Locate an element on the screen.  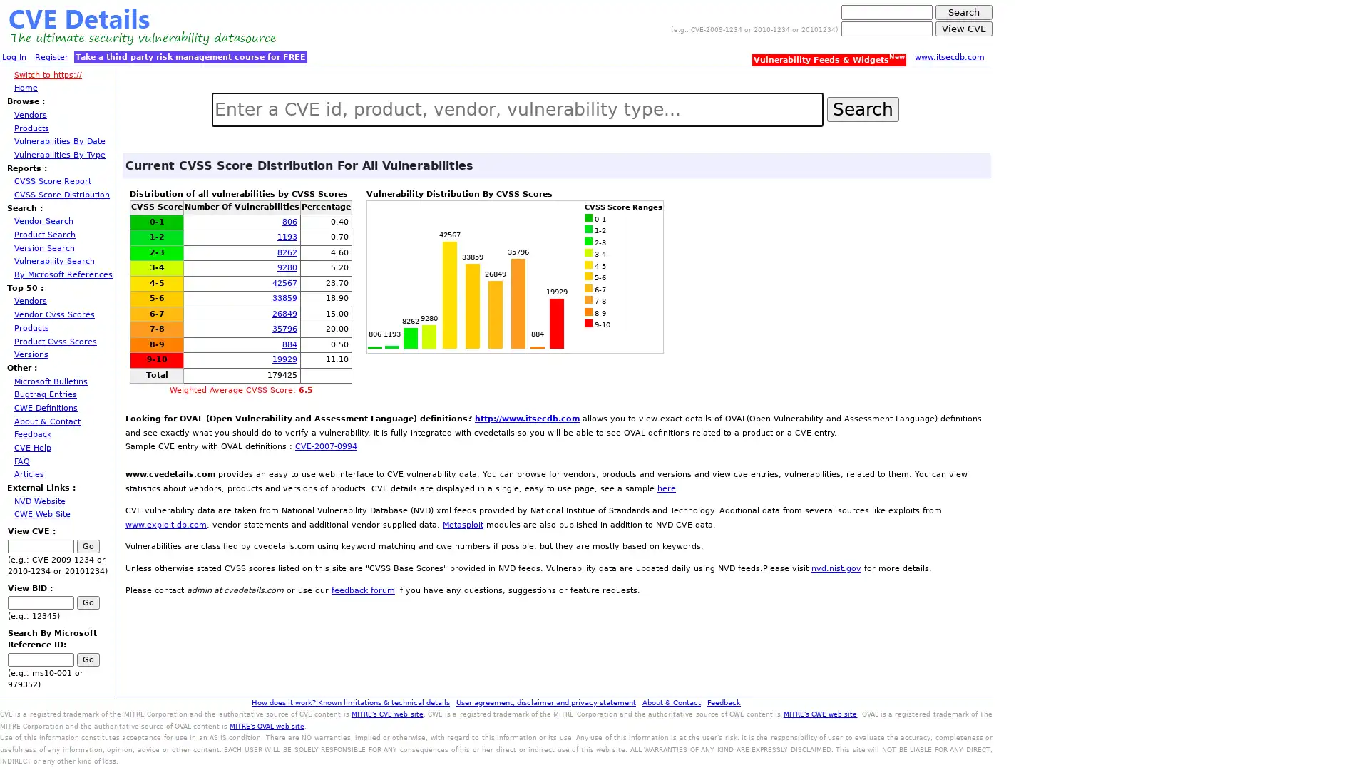
View CVE is located at coordinates (964, 29).